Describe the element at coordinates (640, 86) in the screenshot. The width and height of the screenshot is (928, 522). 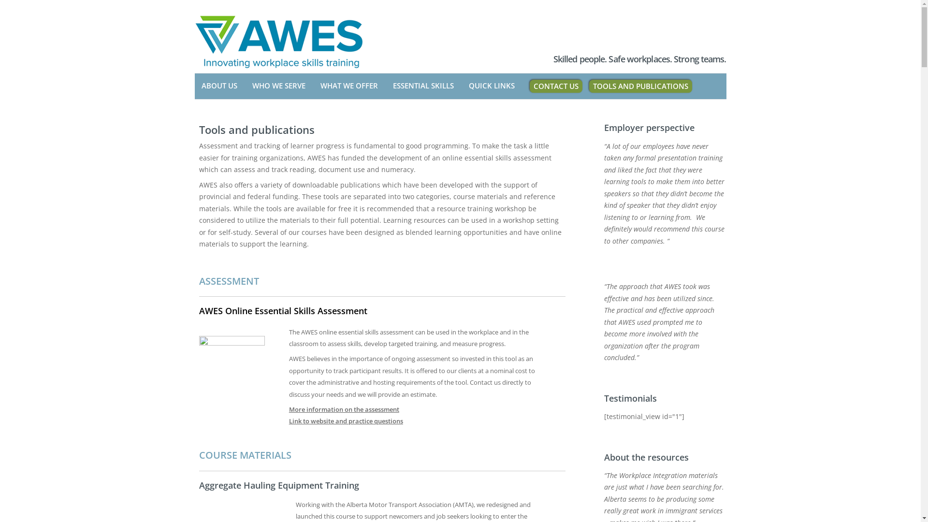
I see `'TOOLS AND PUBLICATIONS'` at that location.